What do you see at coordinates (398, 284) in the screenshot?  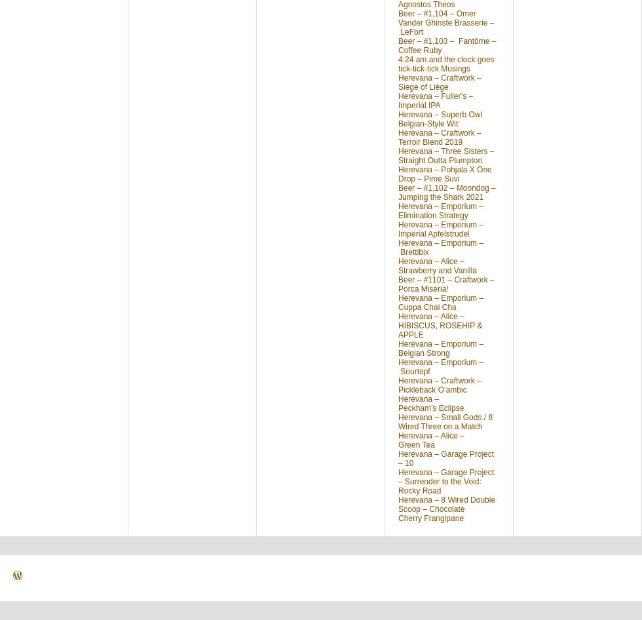 I see `'Beer – #1101 – Craftwork – Porca Miseria!'` at bounding box center [398, 284].